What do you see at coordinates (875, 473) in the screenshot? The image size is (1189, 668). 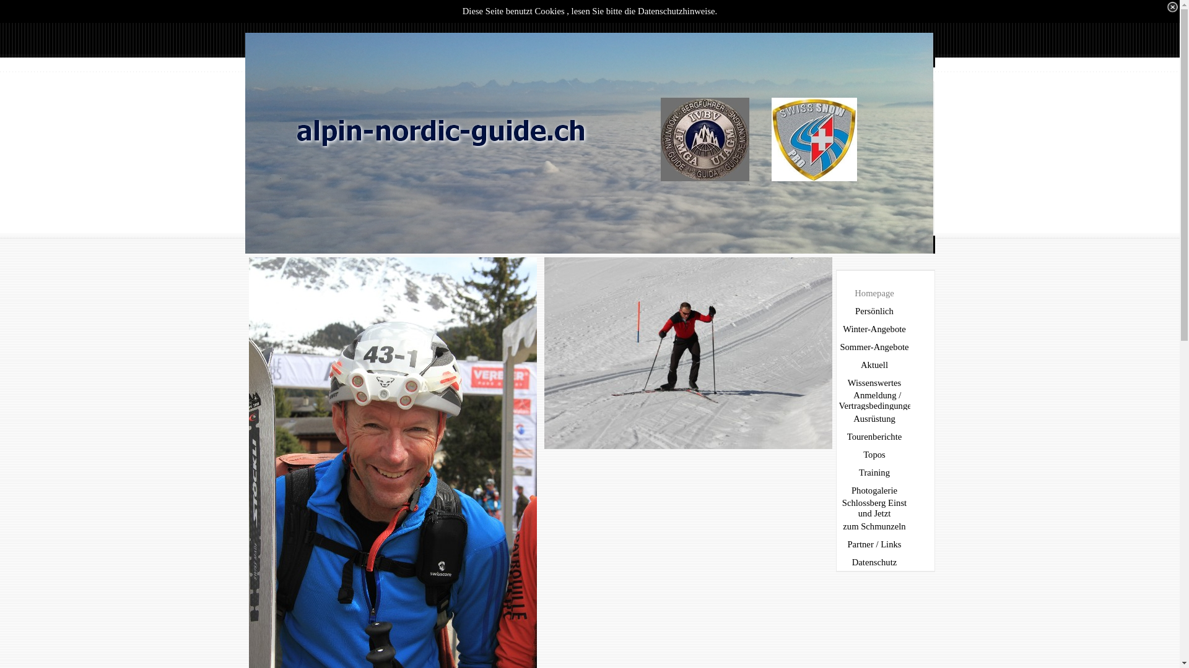 I see `'Training'` at bounding box center [875, 473].